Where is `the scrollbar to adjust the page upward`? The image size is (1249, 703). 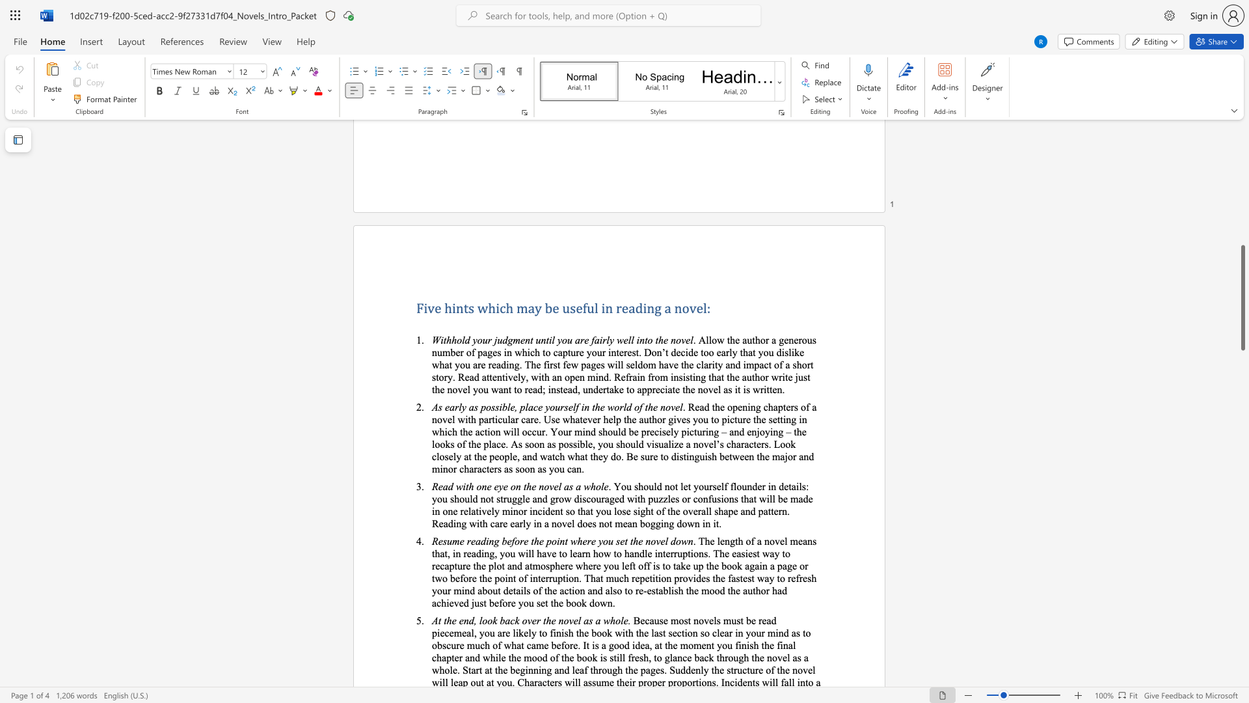 the scrollbar to adjust the page upward is located at coordinates (1242, 279).